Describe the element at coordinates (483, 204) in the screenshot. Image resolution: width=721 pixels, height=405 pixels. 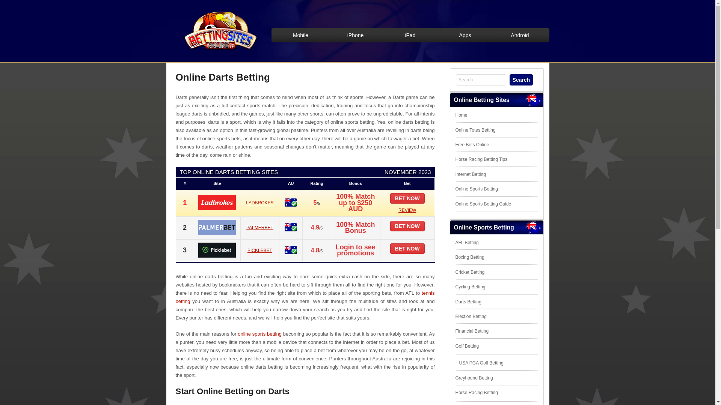
I see `'Online Sports Betting Guide'` at that location.